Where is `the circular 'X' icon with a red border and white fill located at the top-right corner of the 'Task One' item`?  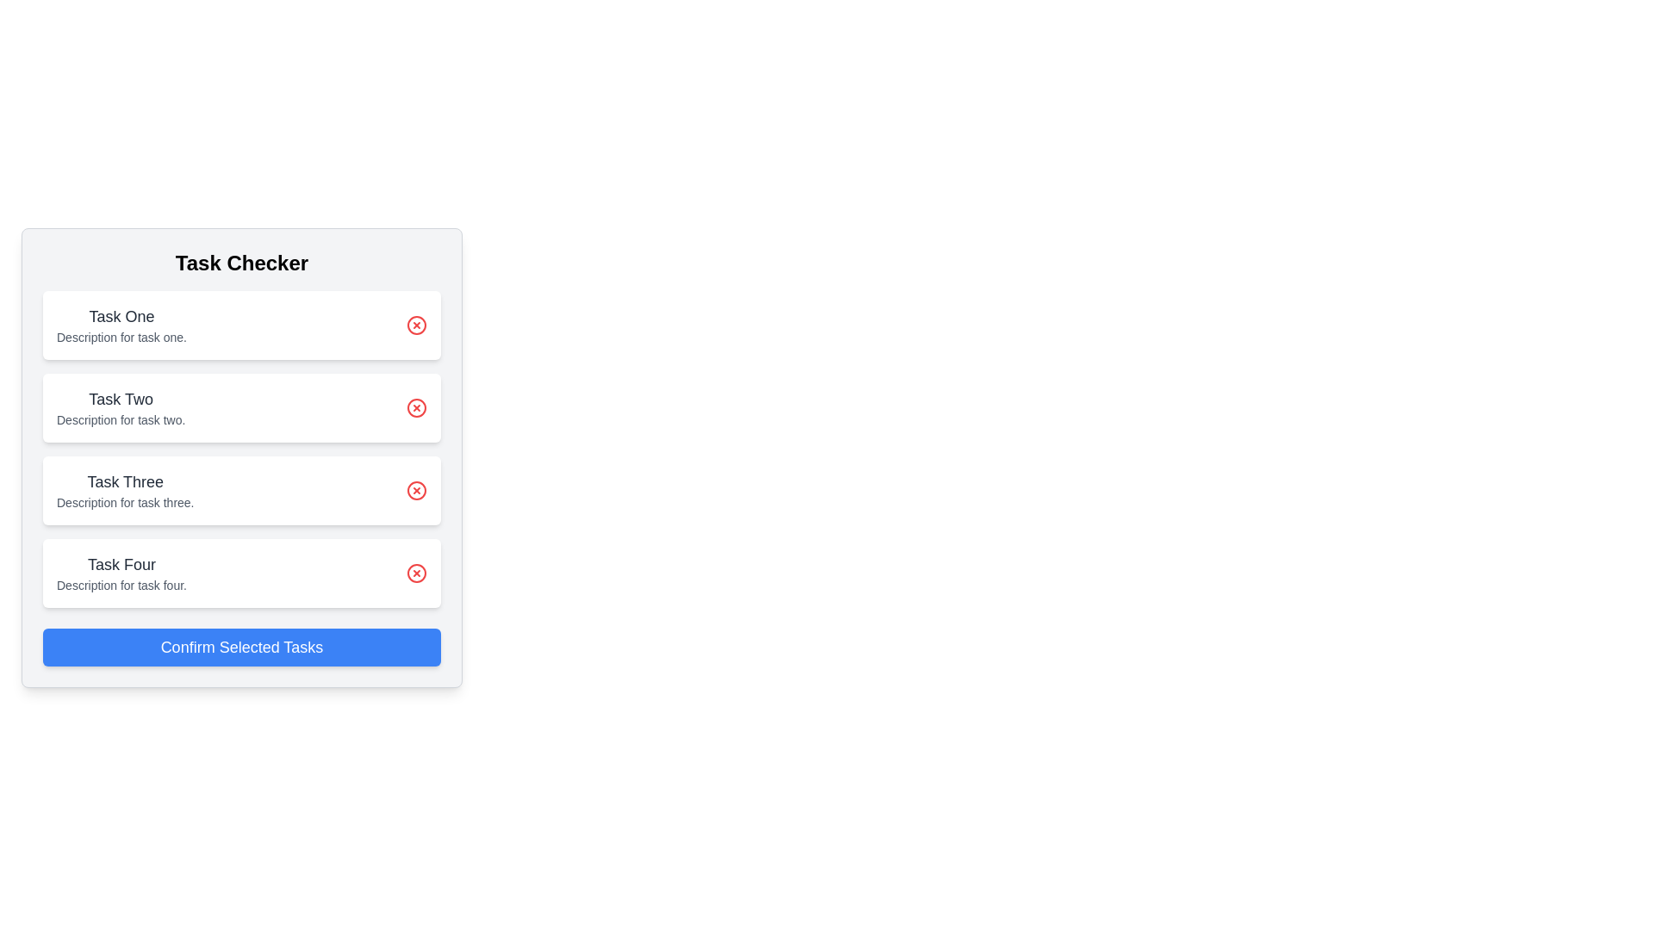
the circular 'X' icon with a red border and white fill located at the top-right corner of the 'Task One' item is located at coordinates (417, 325).